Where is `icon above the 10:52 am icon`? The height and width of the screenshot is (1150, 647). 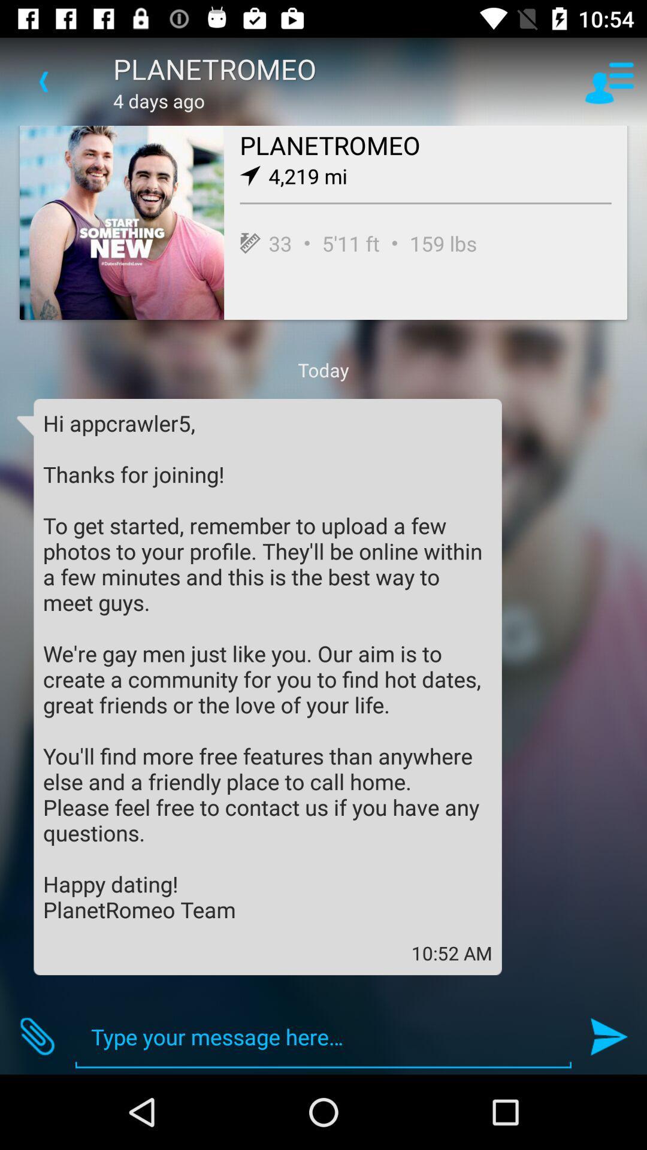
icon above the 10:52 am icon is located at coordinates (267, 665).